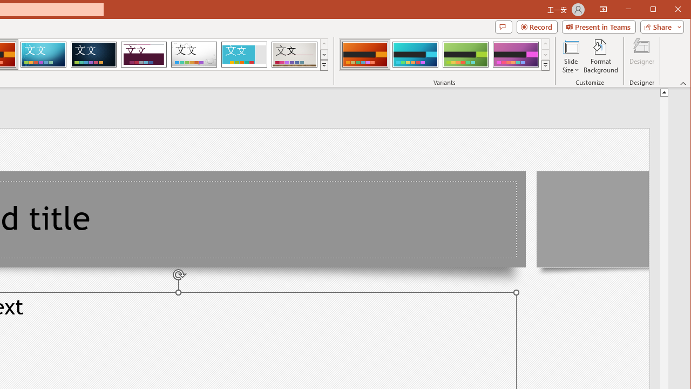 The width and height of the screenshot is (691, 389). I want to click on 'Damask', so click(93, 54).